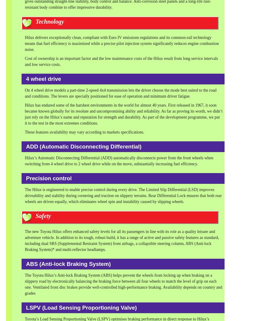  Describe the element at coordinates (123, 195) in the screenshot. I see `'The Hilux is engineered to enable precise control during every drive. The Limited Slip Differential (LSD) improves driveability and stability during cornering and traction on slippery terrains. Rear Differential Lock ensures that both rear wheels are driven equally, which eliminates wheel spin and instability caused by slipping wheels.'` at that location.